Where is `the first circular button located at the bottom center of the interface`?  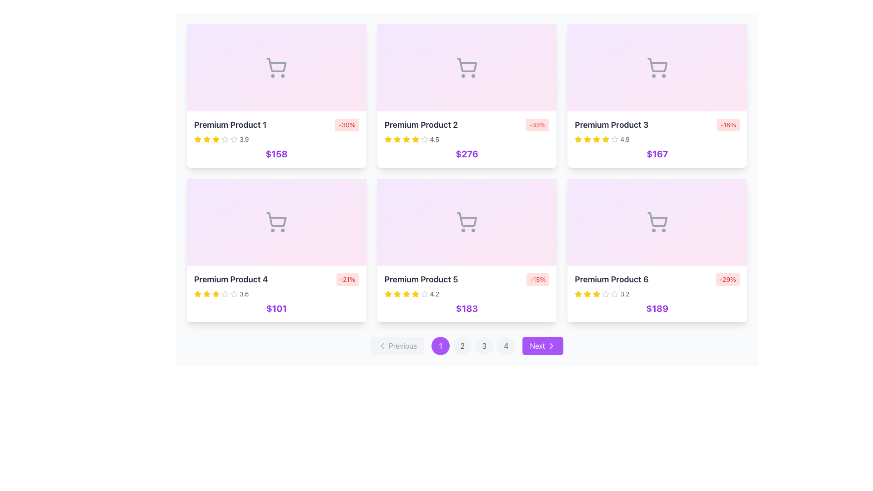
the first circular button located at the bottom center of the interface is located at coordinates (441, 346).